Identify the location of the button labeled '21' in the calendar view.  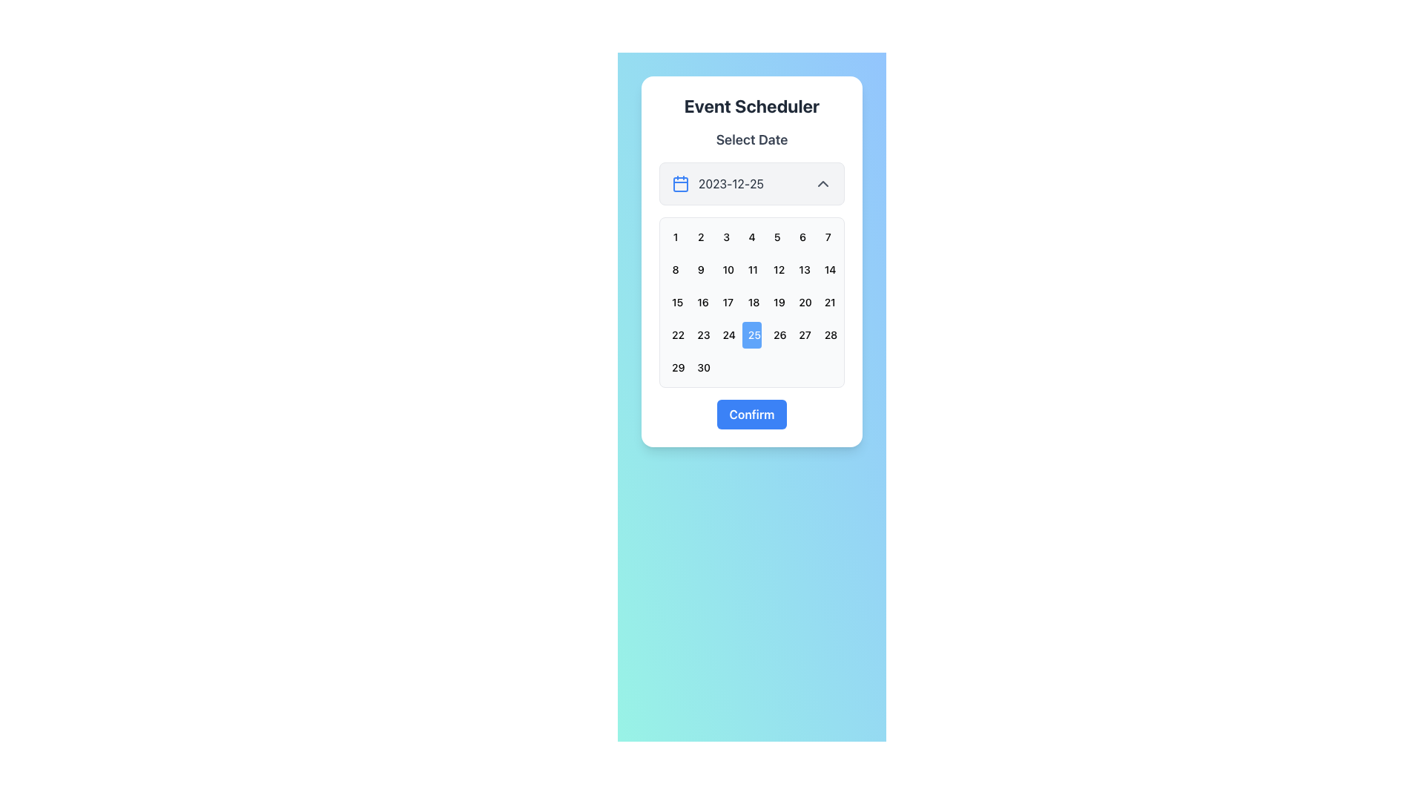
(827, 302).